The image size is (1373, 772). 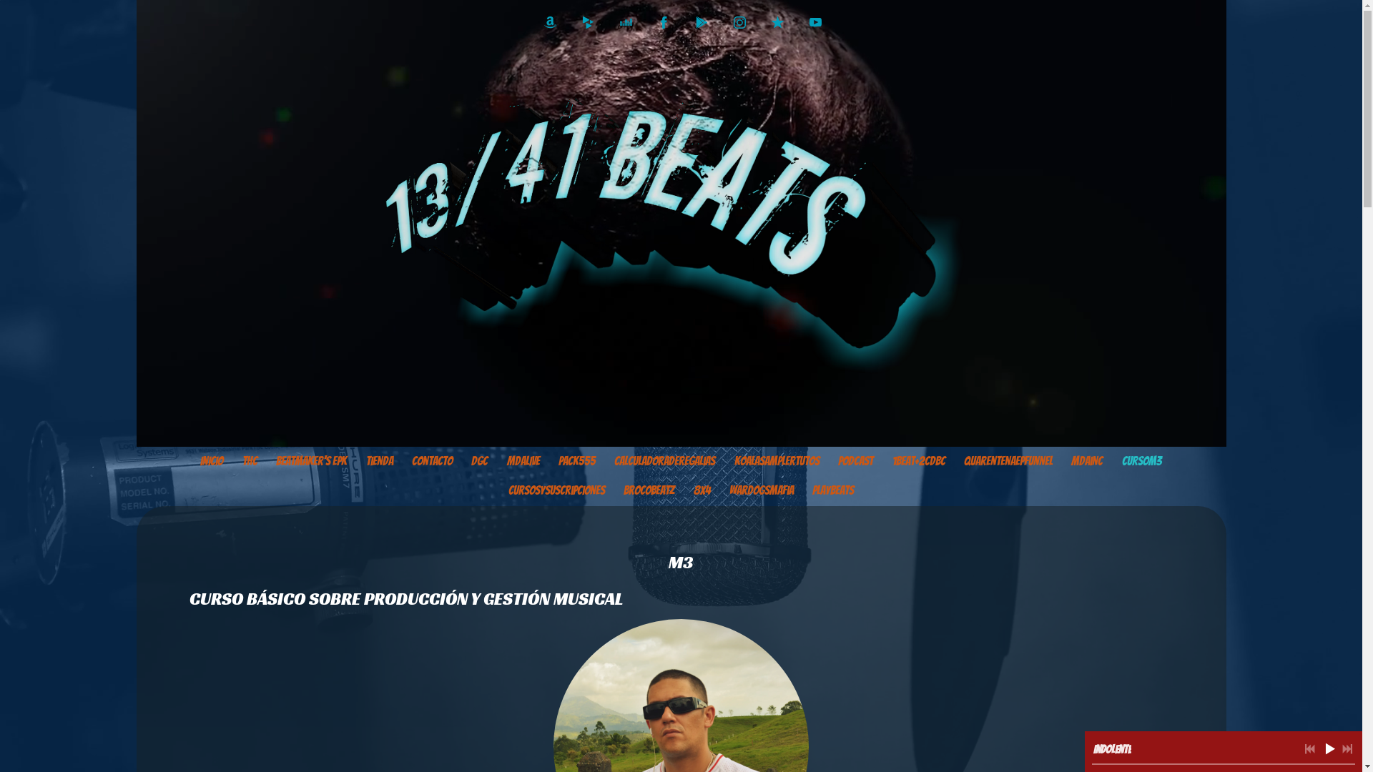 What do you see at coordinates (1087, 461) in the screenshot?
I see `'MDAinc'` at bounding box center [1087, 461].